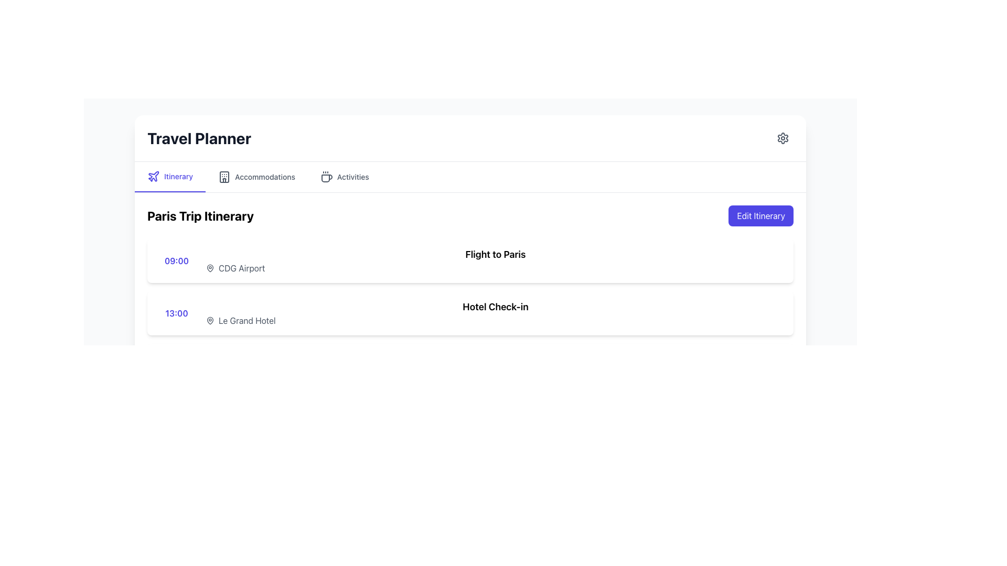 This screenshot has width=1007, height=566. Describe the element at coordinates (345, 177) in the screenshot. I see `the third tab labeled 'Activities' in the Travel Planner interface to change its color` at that location.